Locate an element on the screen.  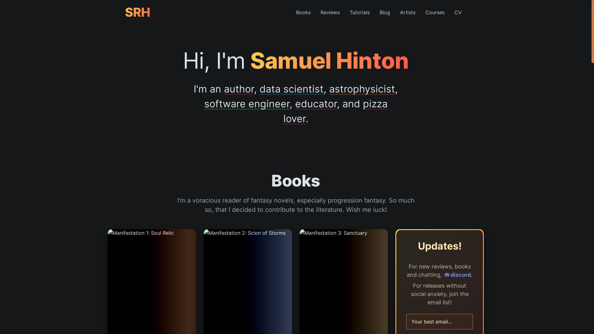
'CV' is located at coordinates (450, 12).